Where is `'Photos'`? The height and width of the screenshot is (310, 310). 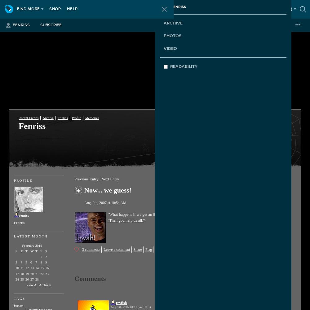 'Photos' is located at coordinates (172, 35).